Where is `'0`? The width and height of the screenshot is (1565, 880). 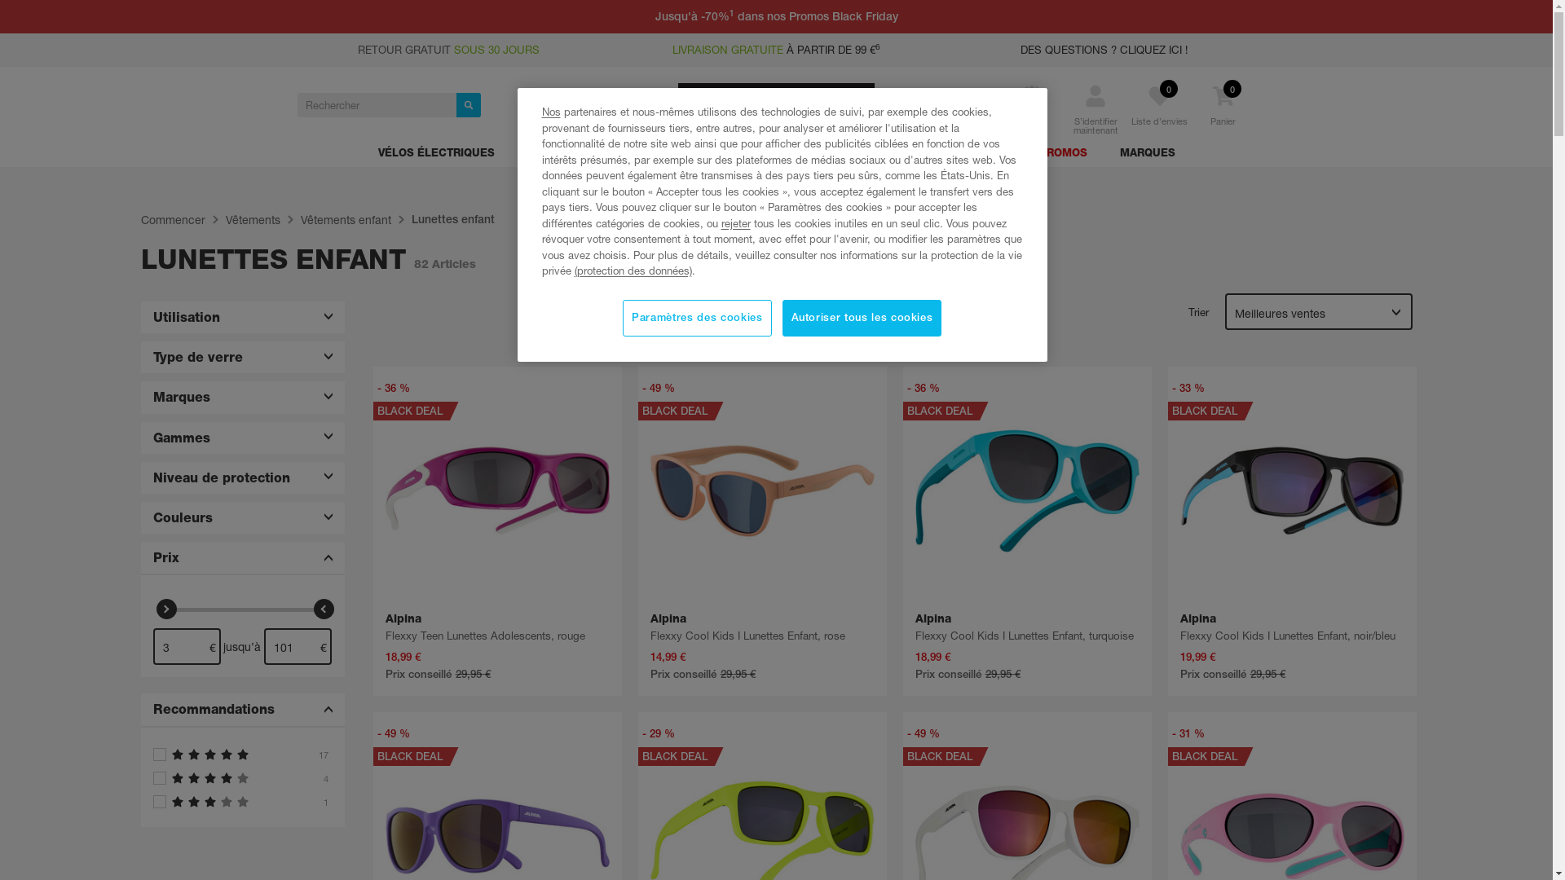 '0 is located at coordinates (1223, 115).